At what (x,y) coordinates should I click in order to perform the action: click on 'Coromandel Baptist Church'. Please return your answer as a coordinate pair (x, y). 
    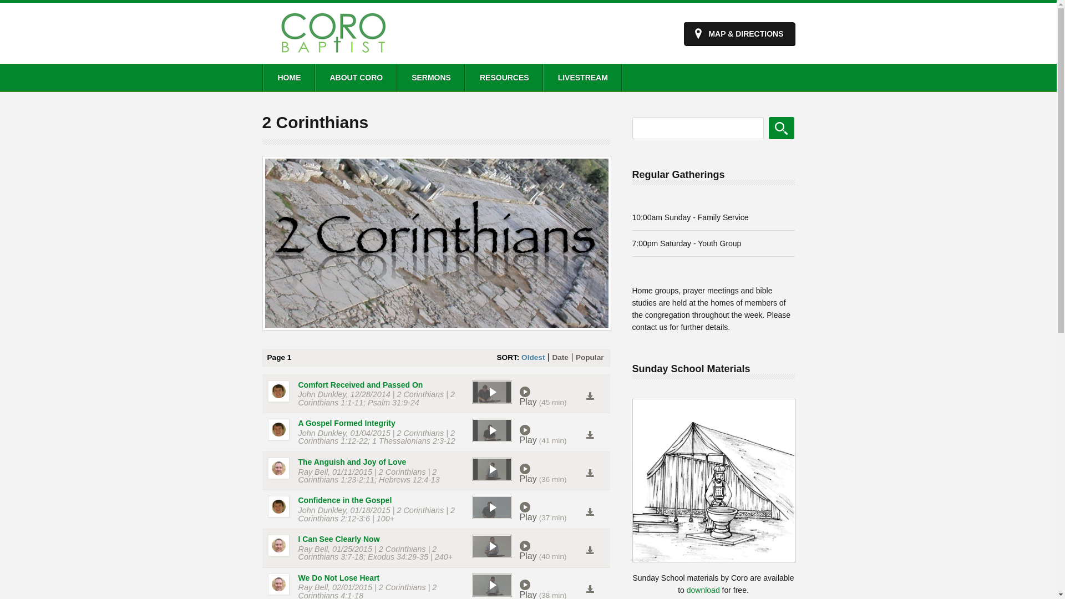
    Looking at the image, I should click on (332, 54).